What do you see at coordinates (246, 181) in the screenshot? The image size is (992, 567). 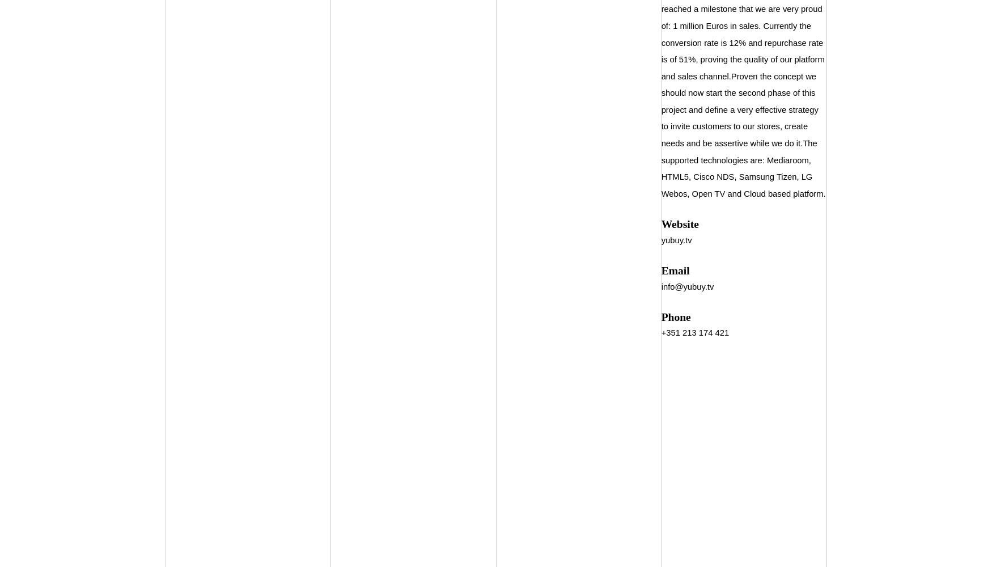 I see `'Press'` at bounding box center [246, 181].